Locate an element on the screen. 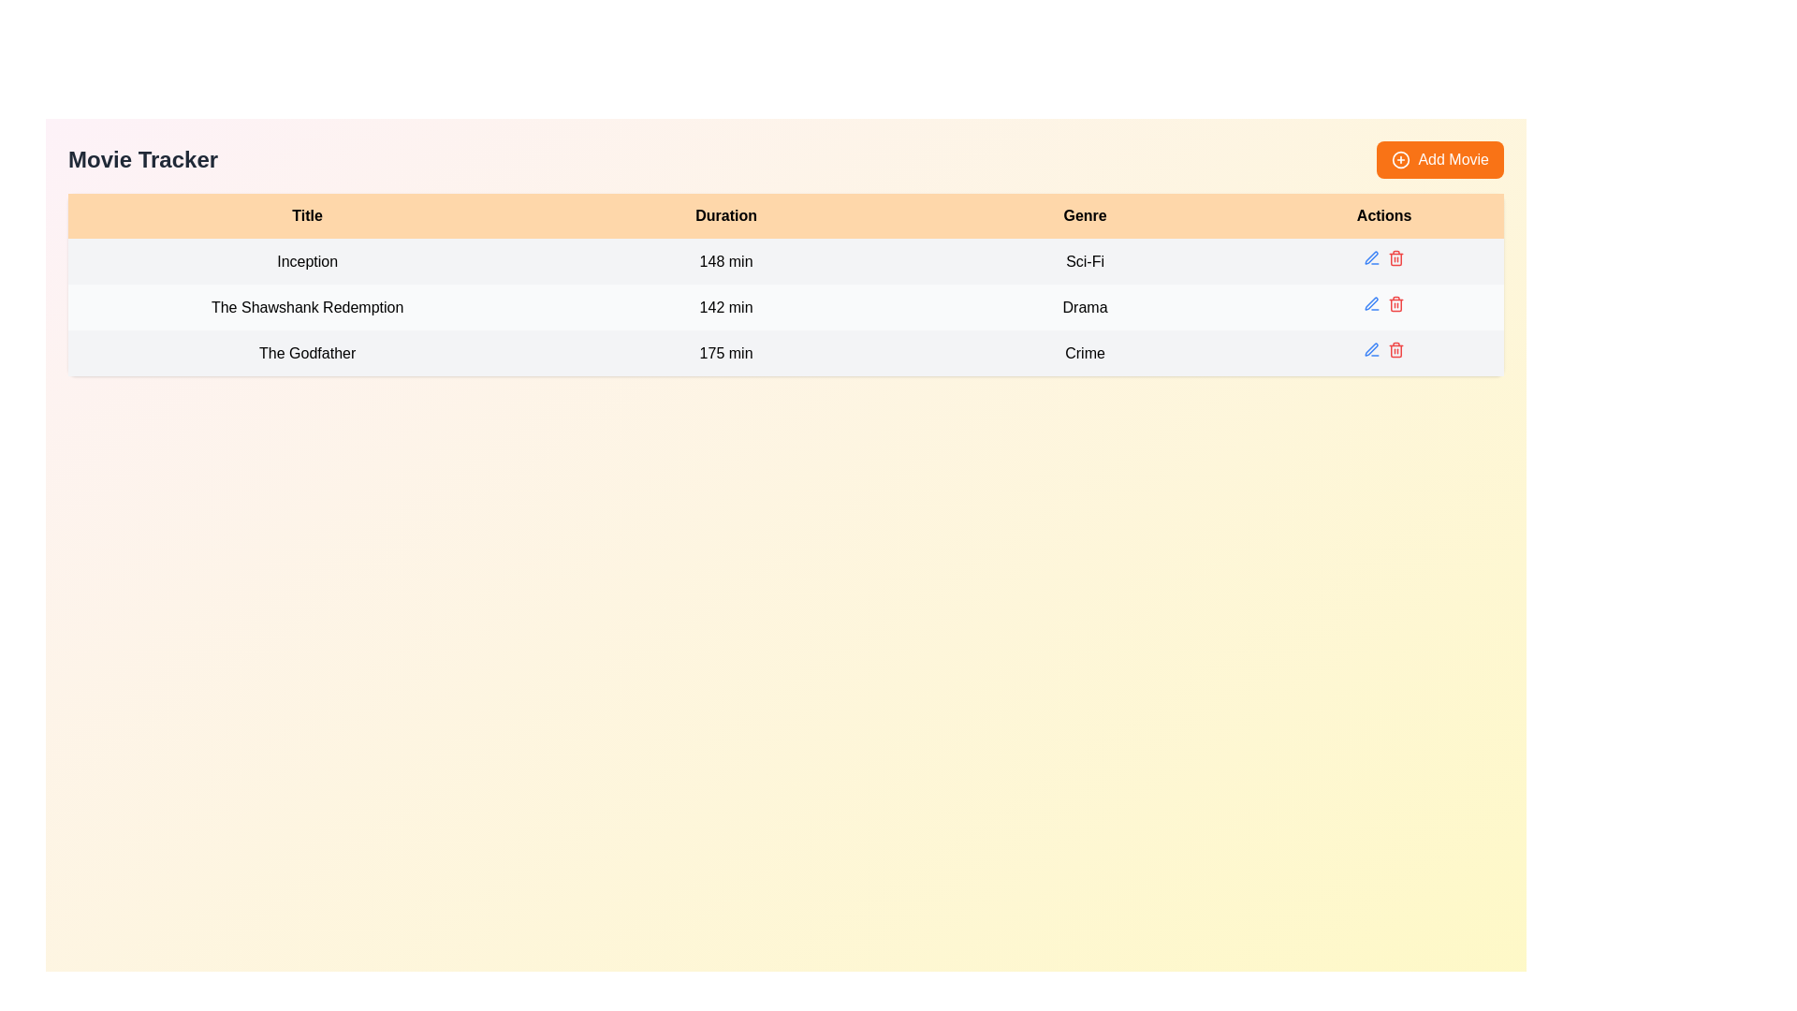  the blue pen-shaped icon in the 'Actions' column of the first row corresponding to the movie 'Inception' is located at coordinates (1372, 258).